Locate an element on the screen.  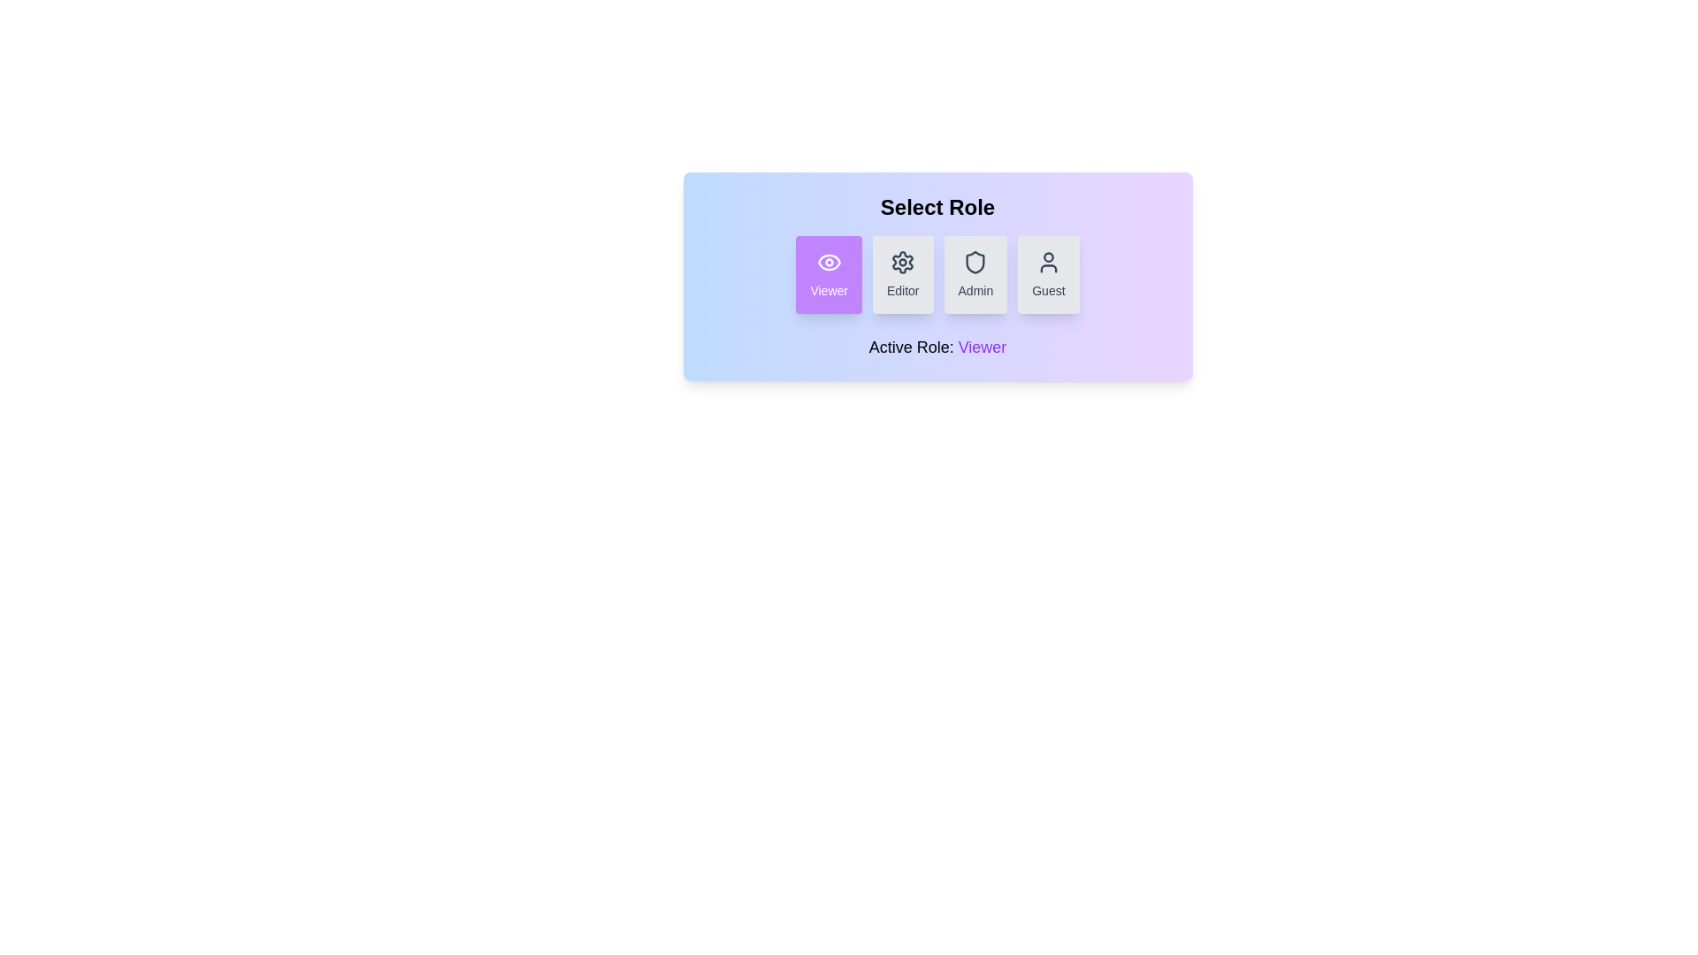
the role Editor by clicking the corresponding button is located at coordinates (903, 275).